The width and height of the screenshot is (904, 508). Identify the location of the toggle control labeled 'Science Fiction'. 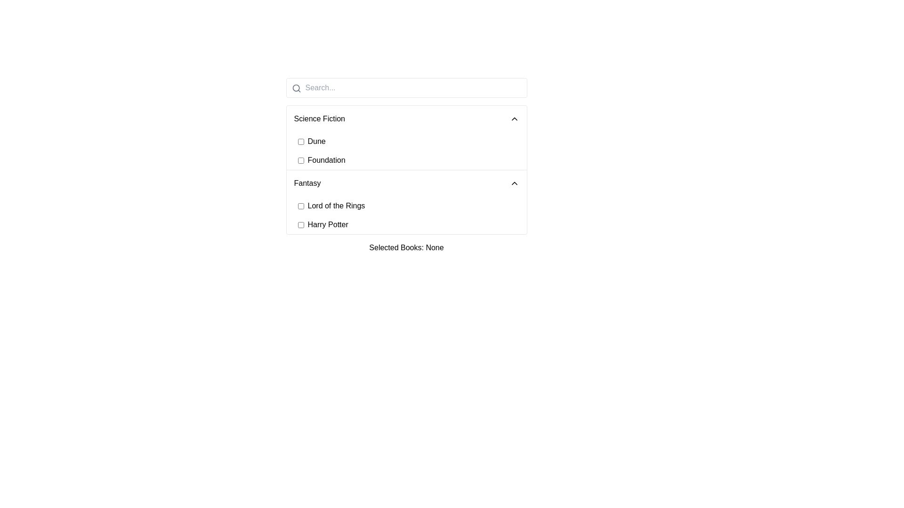
(406, 119).